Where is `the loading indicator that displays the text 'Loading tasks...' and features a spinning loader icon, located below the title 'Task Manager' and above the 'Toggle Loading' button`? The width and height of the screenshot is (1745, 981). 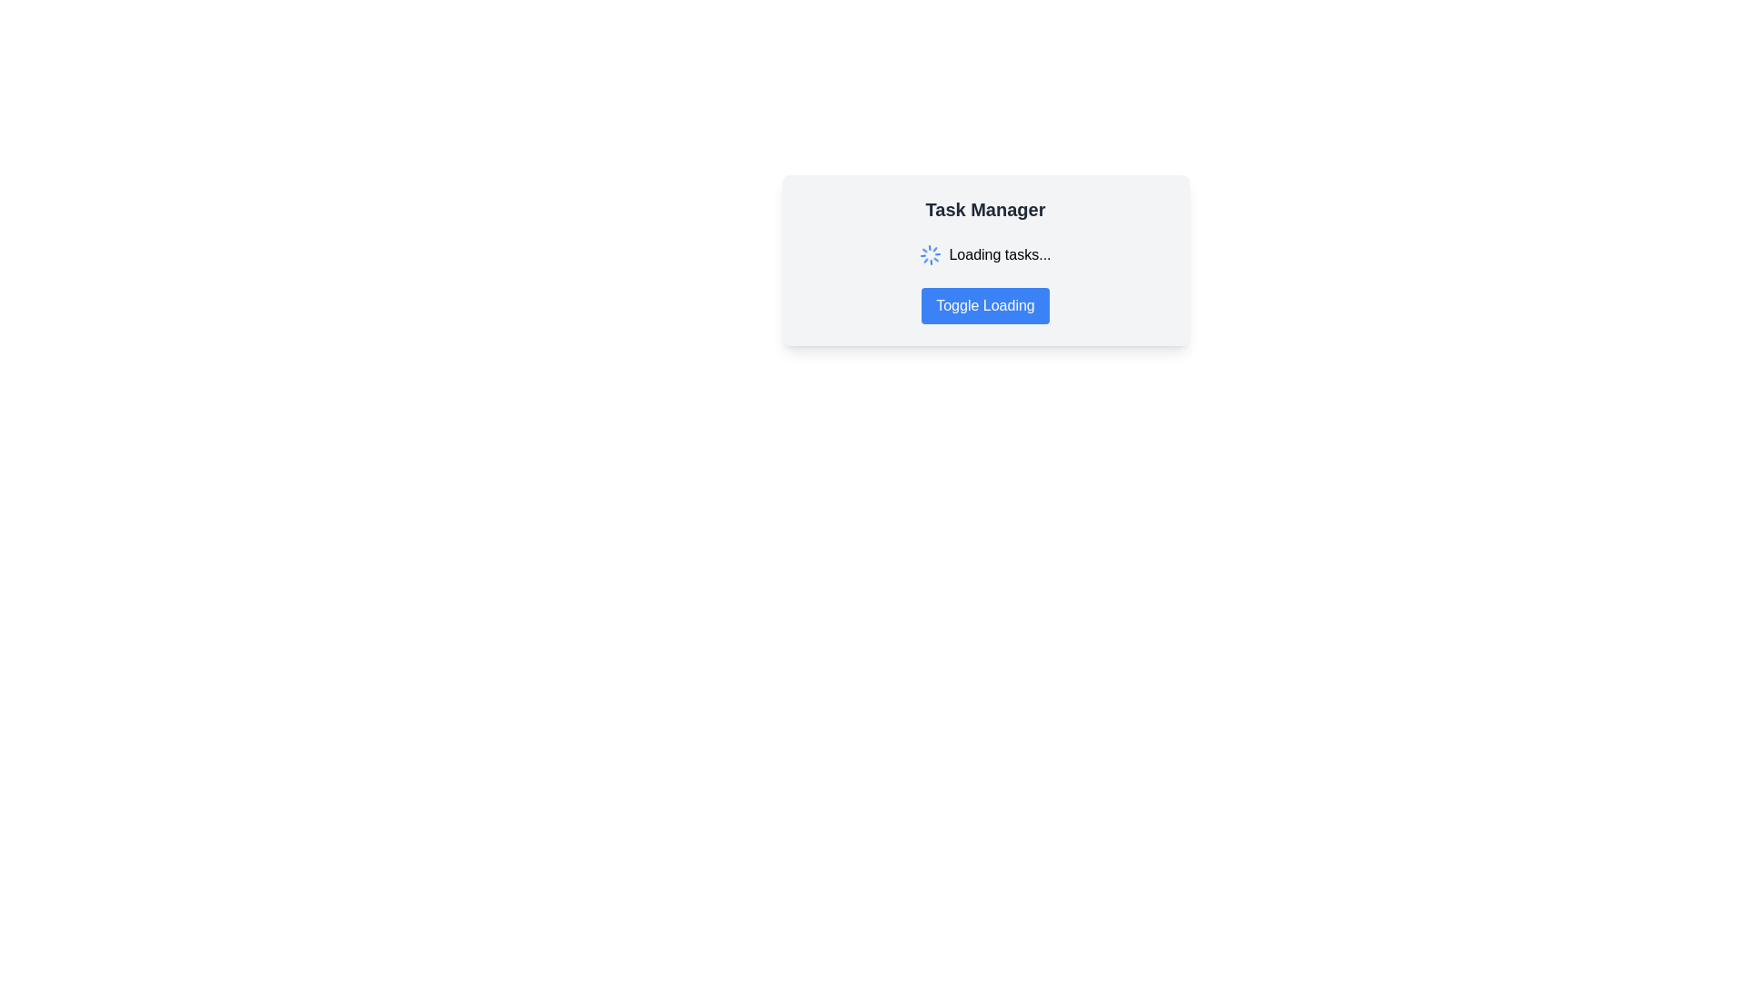
the loading indicator that displays the text 'Loading tasks...' and features a spinning loader icon, located below the title 'Task Manager' and above the 'Toggle Loading' button is located at coordinates (984, 255).